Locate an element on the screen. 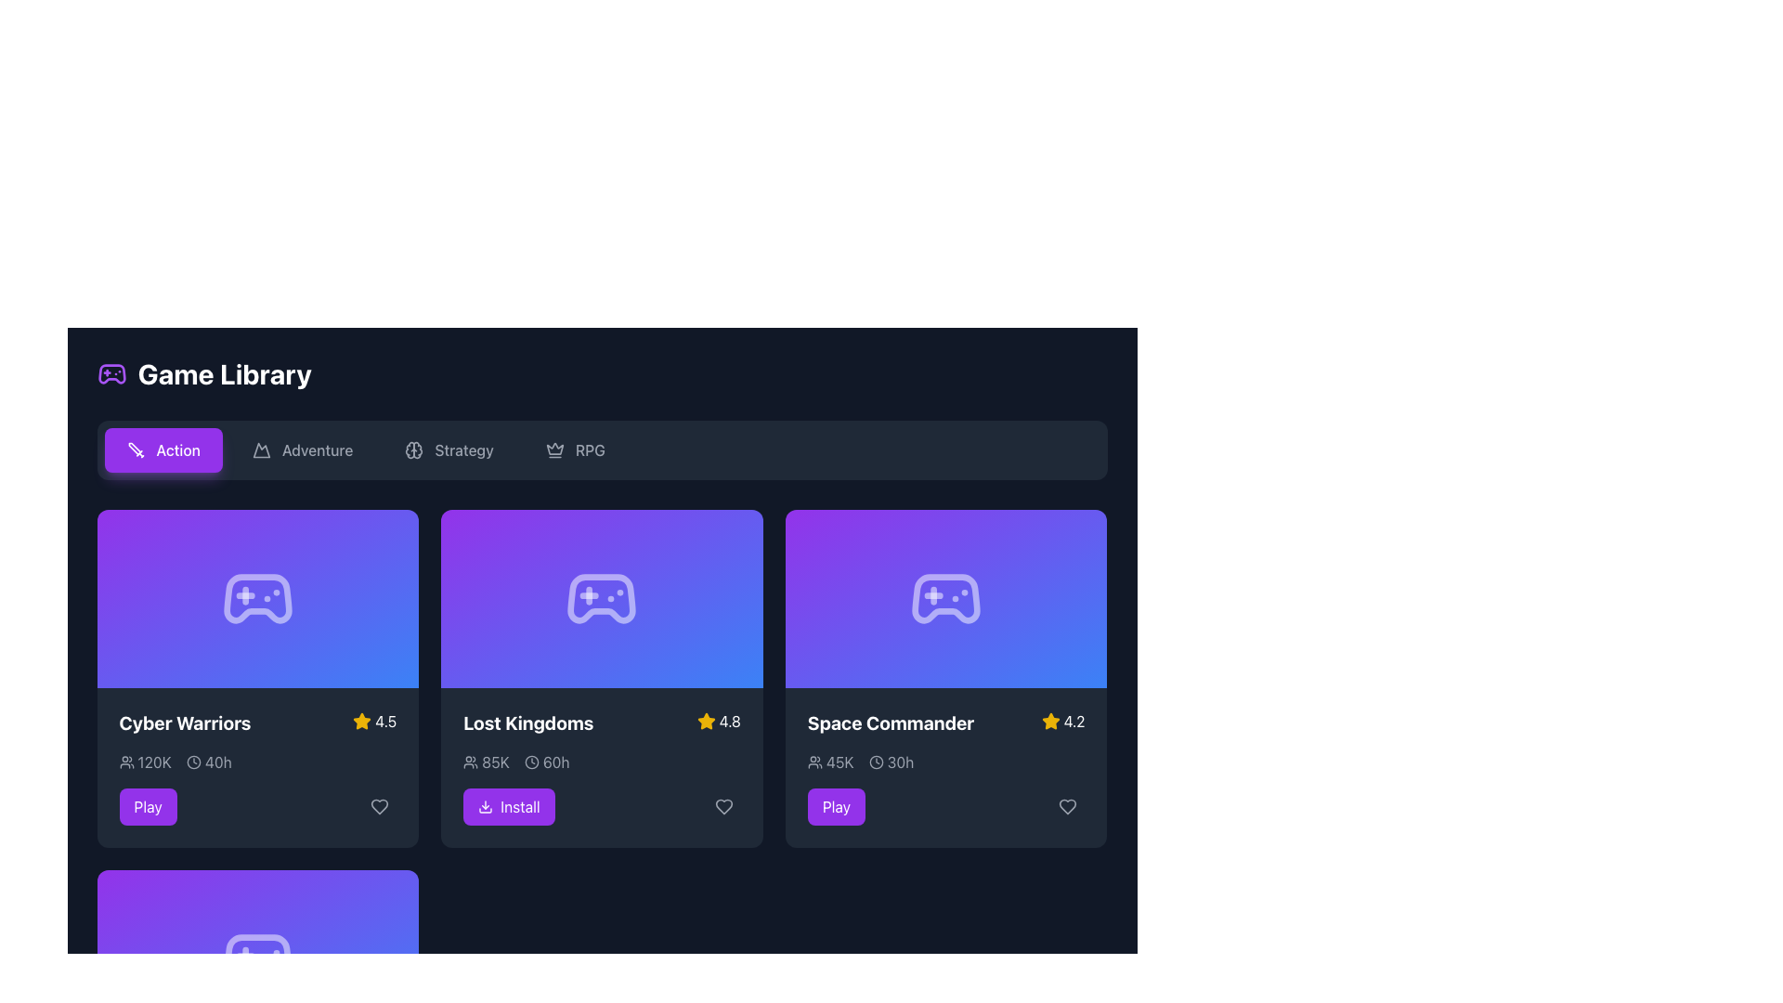 Image resolution: width=1783 pixels, height=1003 pixels. the text label displaying '4.8' in white font, part of the rating feature on the game card labeled 'Lost Kingdoms', located near the yellow star symbol in the middle column of the card is located at coordinates (729, 720).